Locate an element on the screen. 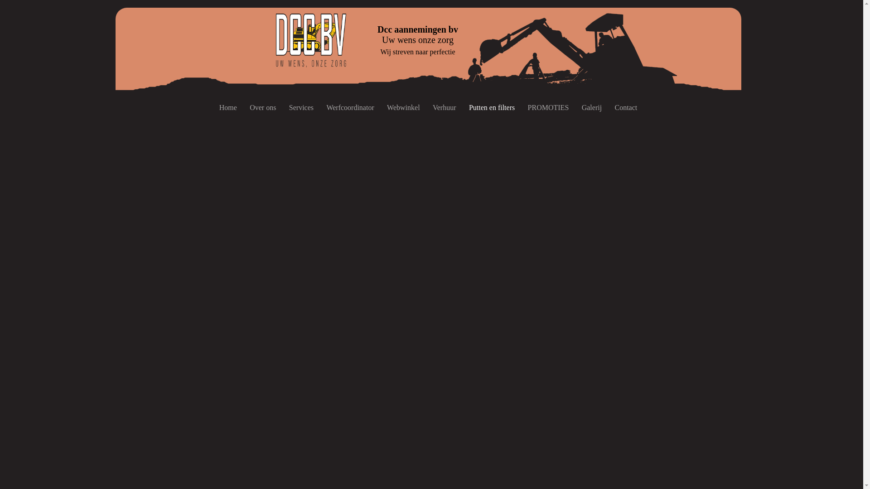  'Verhuur' is located at coordinates (444, 107).